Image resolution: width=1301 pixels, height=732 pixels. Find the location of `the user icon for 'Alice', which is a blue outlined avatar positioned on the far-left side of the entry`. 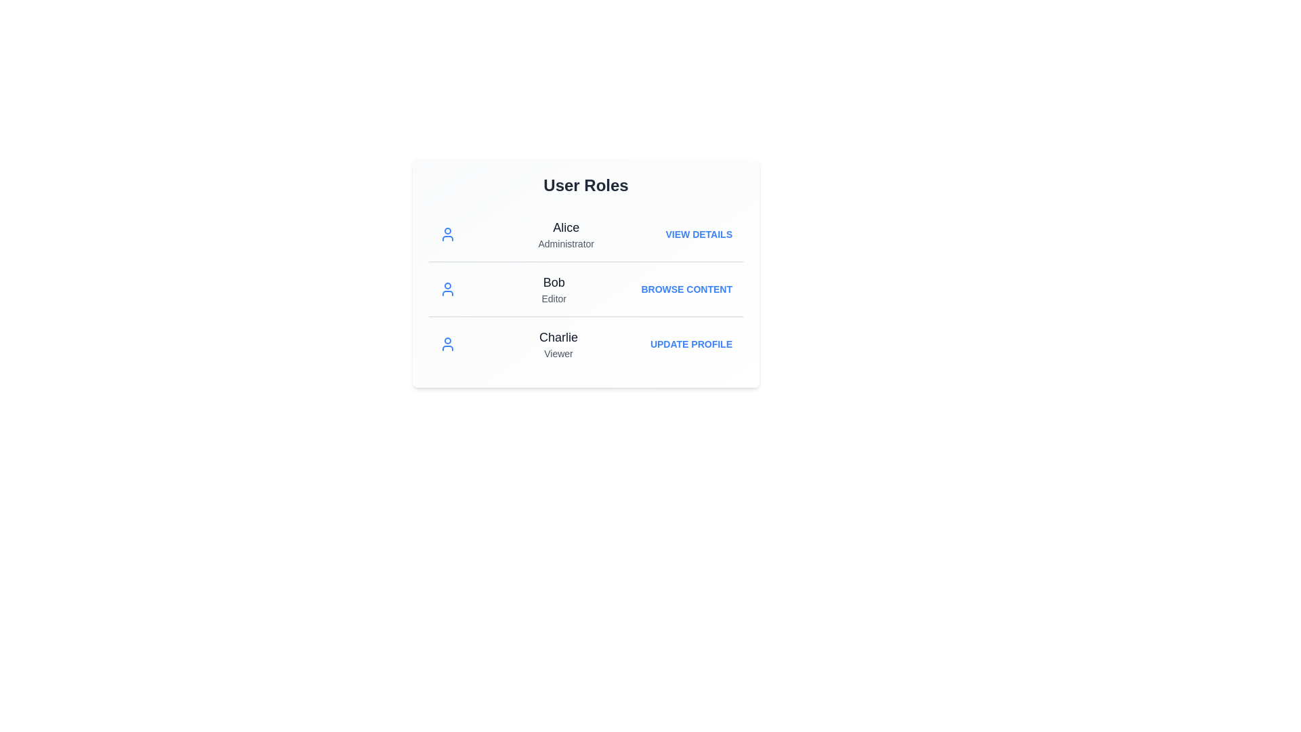

the user icon for 'Alice', which is a blue outlined avatar positioned on the far-left side of the entry is located at coordinates (448, 234).